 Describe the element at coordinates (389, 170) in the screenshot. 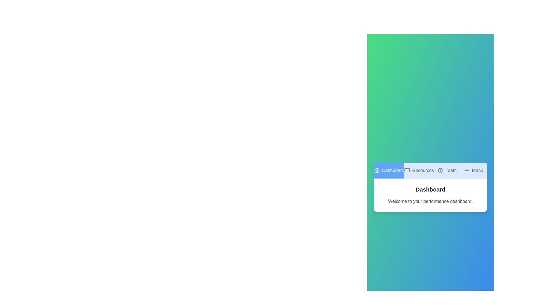

I see `the tab labeled Dashboard to observe its hover effect` at that location.